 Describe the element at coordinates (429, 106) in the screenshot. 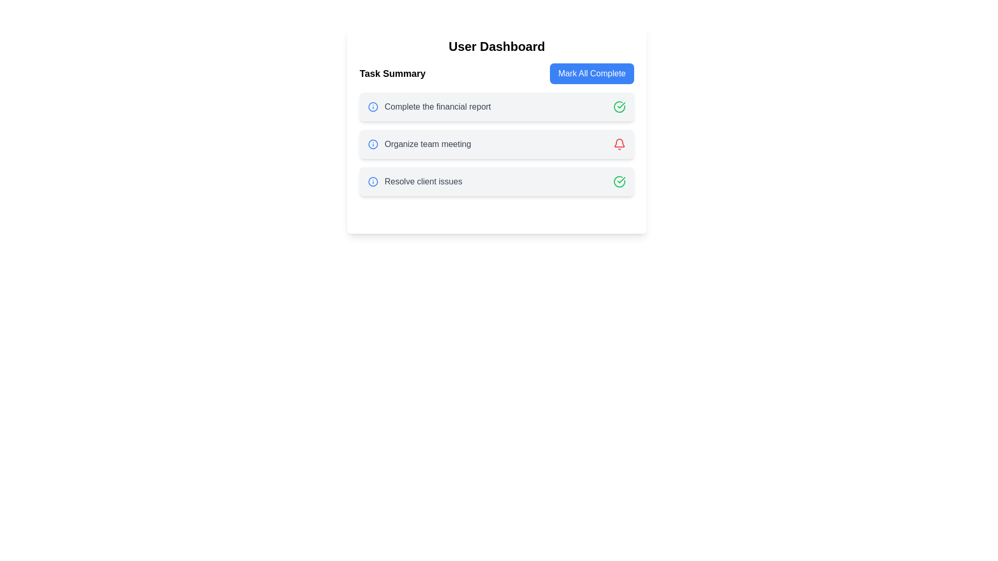

I see `text content of the Task item labeled 'Complete the financial report', which is the first item in the Task Summary section, positioned horizontally alongside a blue information icon` at that location.